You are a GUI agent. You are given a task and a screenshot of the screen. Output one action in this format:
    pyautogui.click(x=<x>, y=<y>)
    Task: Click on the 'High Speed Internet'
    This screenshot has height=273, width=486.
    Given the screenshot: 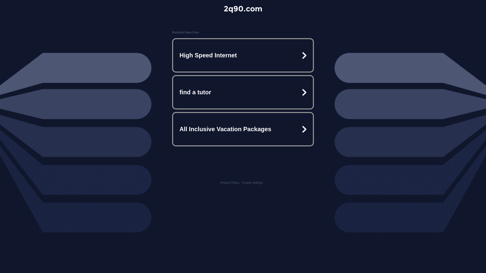 What is the action you would take?
    pyautogui.click(x=243, y=55)
    